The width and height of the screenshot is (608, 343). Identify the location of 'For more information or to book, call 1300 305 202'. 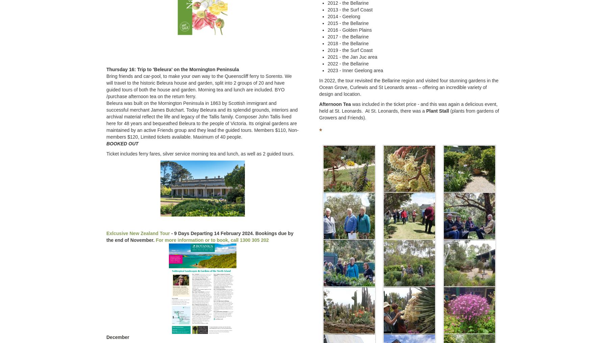
(212, 240).